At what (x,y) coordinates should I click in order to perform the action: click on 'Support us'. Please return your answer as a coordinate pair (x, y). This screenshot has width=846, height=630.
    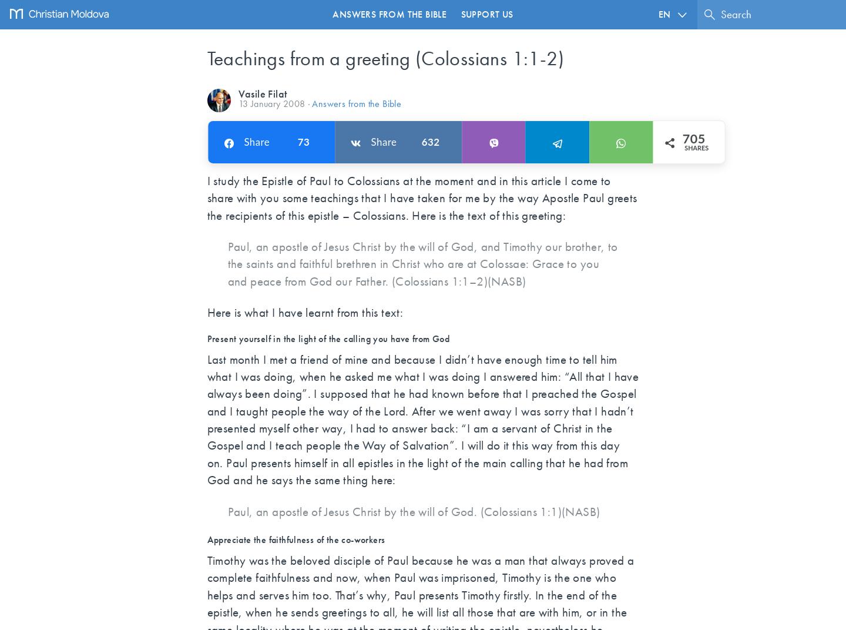
    Looking at the image, I should click on (460, 14).